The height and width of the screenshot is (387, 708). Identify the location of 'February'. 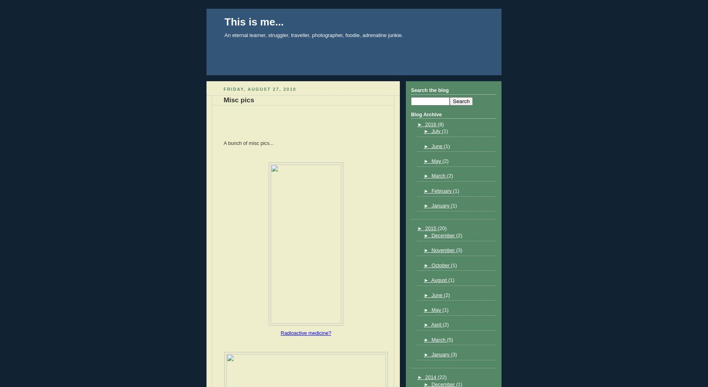
(431, 190).